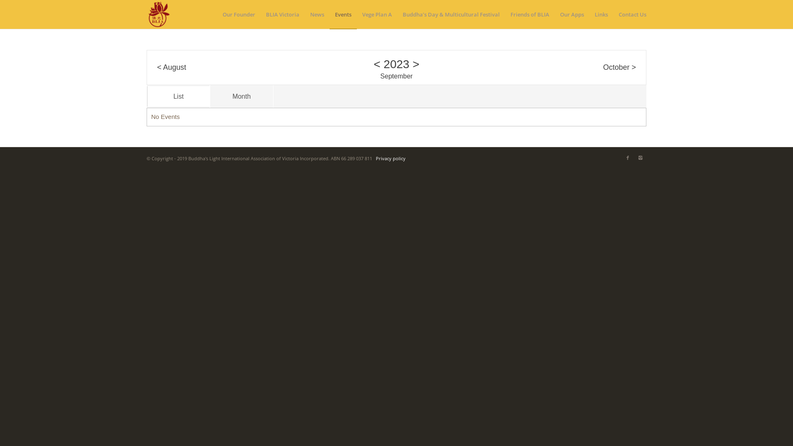 Image resolution: width=793 pixels, height=446 pixels. Describe the element at coordinates (304, 14) in the screenshot. I see `'News'` at that location.